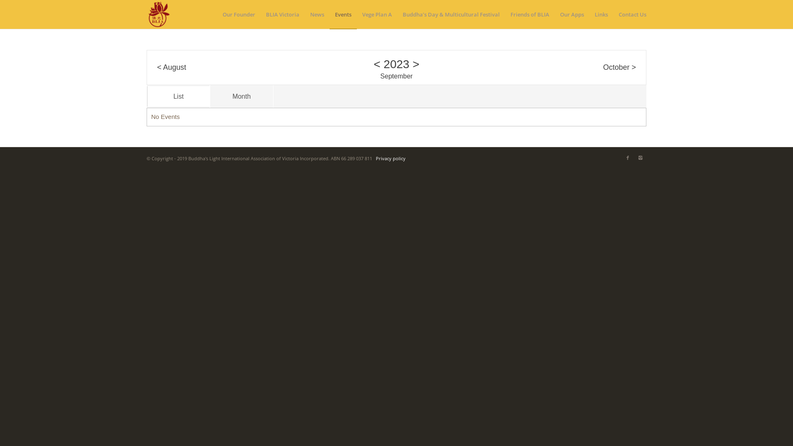 Image resolution: width=793 pixels, height=446 pixels. Describe the element at coordinates (304, 14) in the screenshot. I see `'News'` at that location.